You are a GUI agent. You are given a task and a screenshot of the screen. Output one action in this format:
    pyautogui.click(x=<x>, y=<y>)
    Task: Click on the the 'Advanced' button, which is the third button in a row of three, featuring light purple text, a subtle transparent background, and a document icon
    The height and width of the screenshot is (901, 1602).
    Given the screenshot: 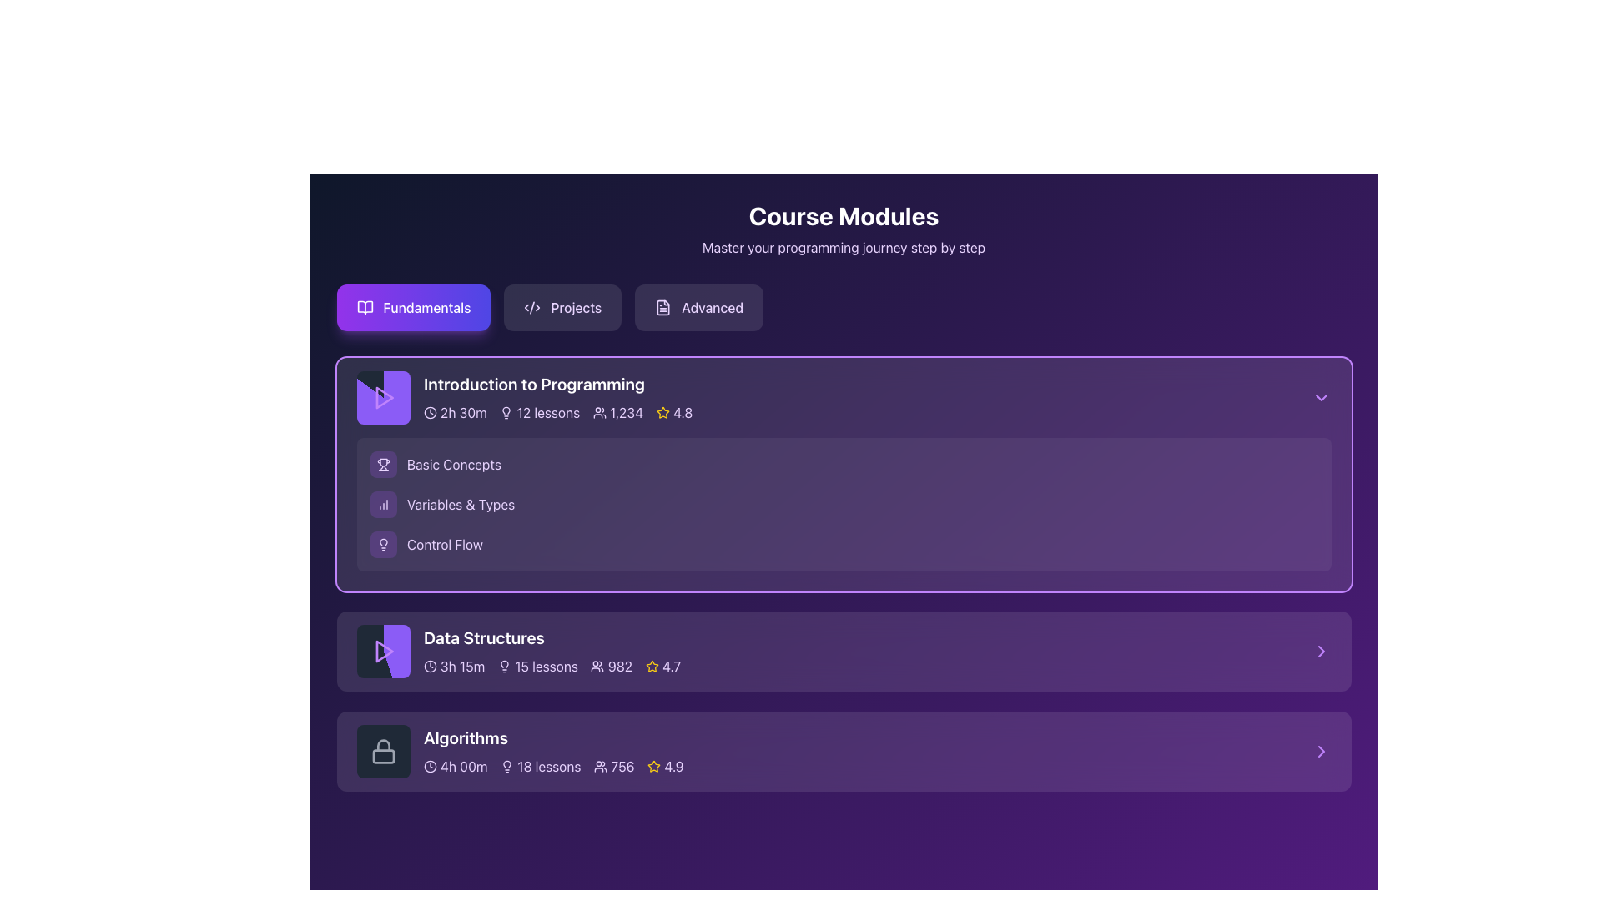 What is the action you would take?
    pyautogui.click(x=699, y=308)
    